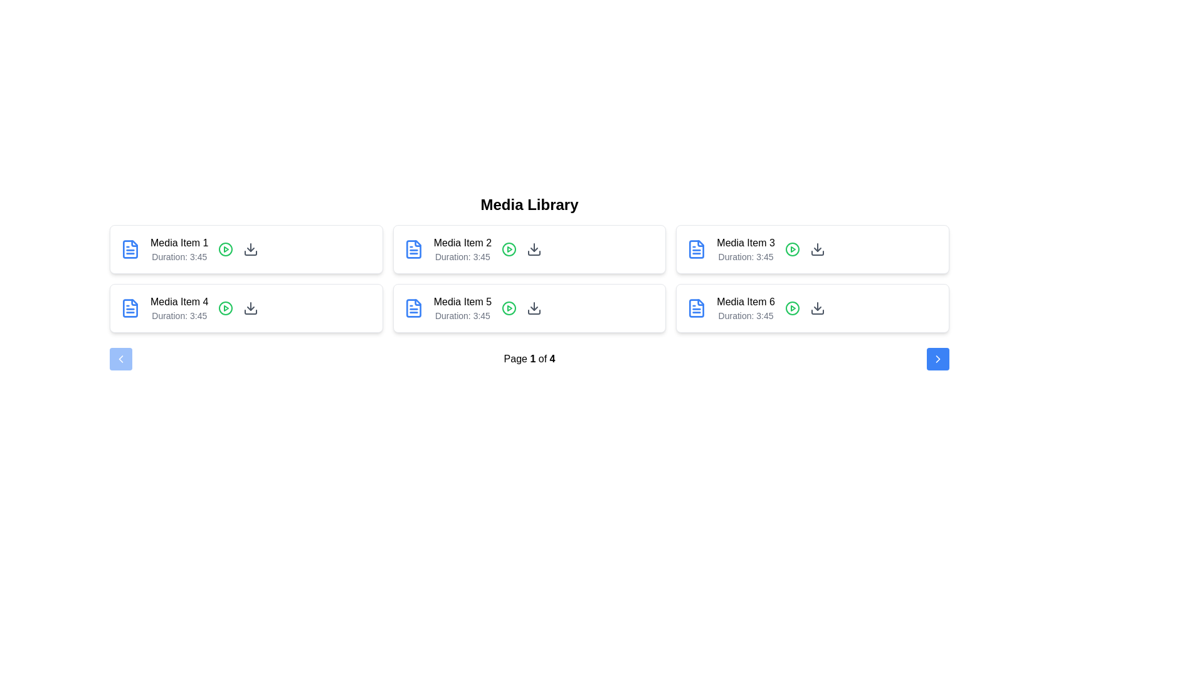 The image size is (1204, 677). Describe the element at coordinates (817, 308) in the screenshot. I see `the Download button icon for Media Item 6 located` at that location.